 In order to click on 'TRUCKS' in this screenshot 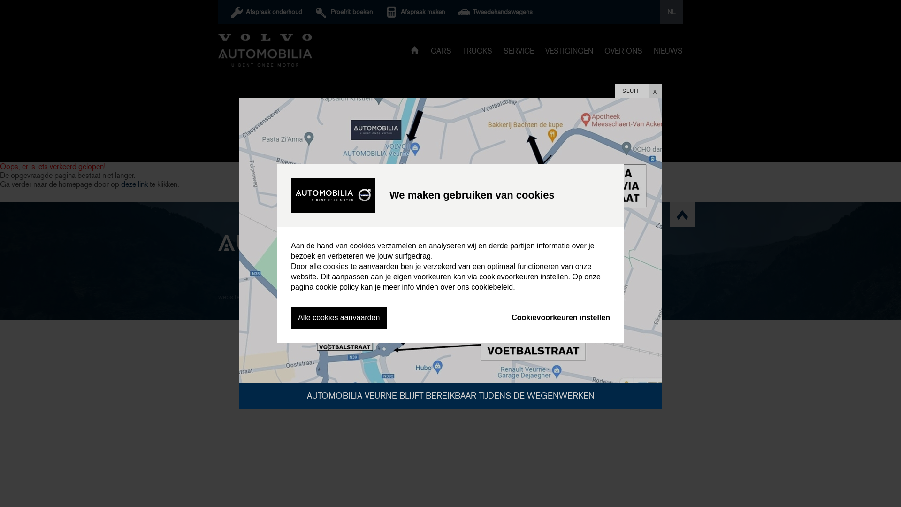, I will do `click(462, 53)`.